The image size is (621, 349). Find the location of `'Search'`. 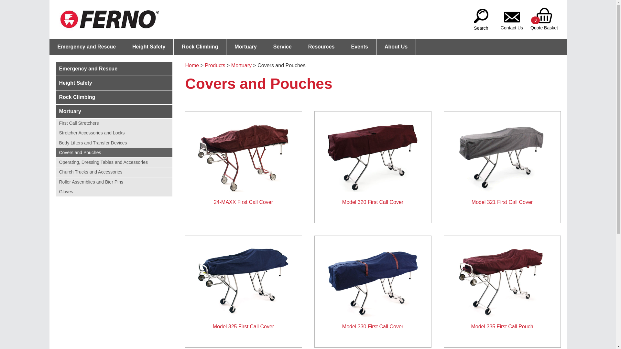

'Search' is located at coordinates (481, 15).